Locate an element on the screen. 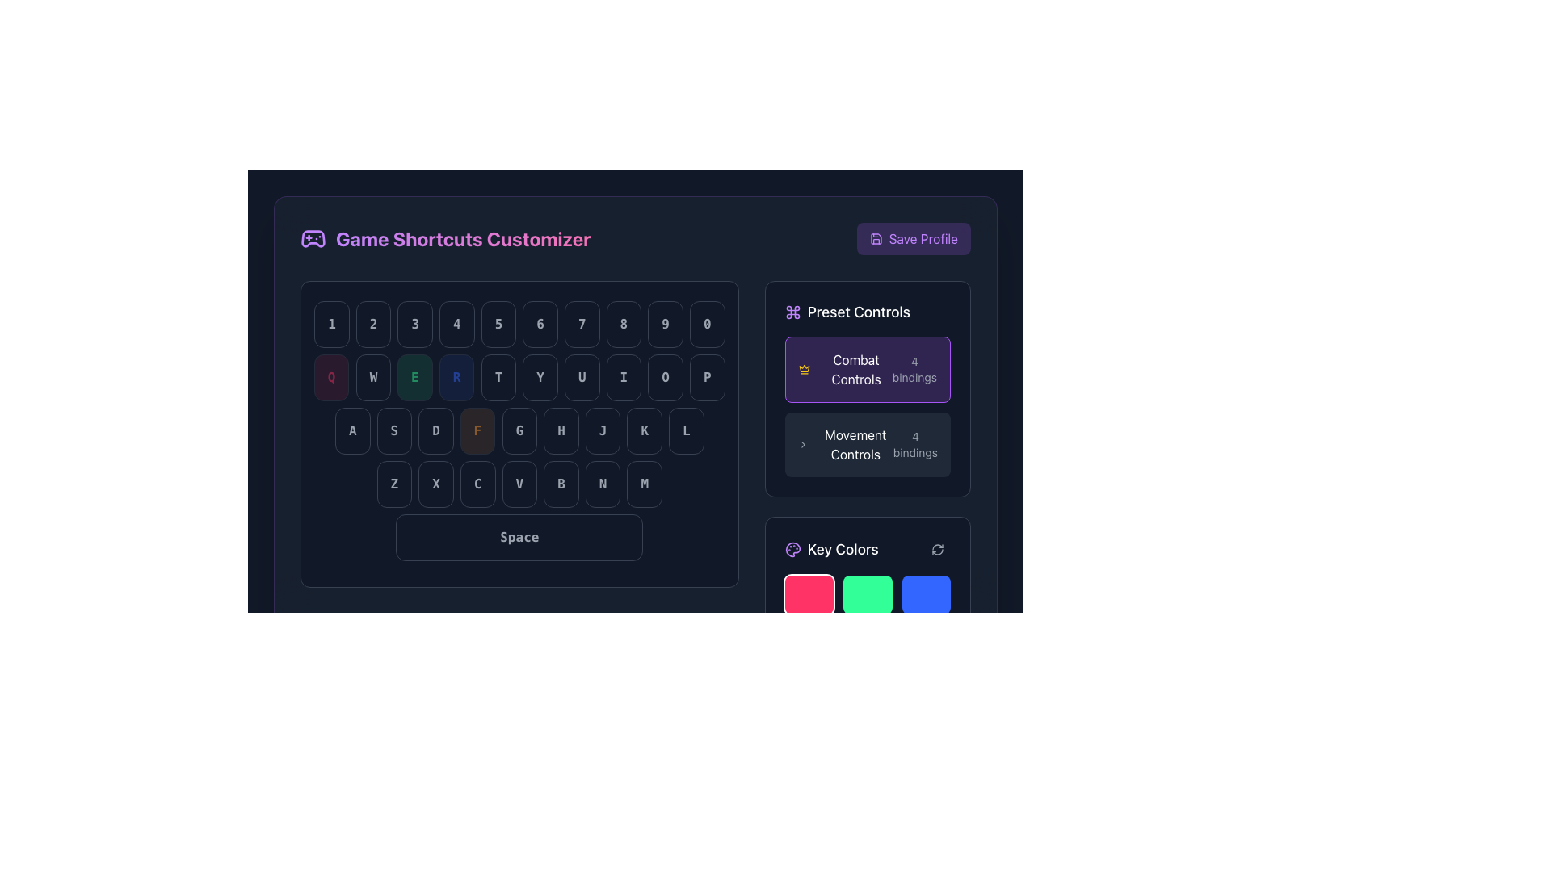  the button displaying the number '3', which is the third button in a horizontal row of keys labeled from '1' to '0', featuring a dark background and light gray text is located at coordinates (415, 324).